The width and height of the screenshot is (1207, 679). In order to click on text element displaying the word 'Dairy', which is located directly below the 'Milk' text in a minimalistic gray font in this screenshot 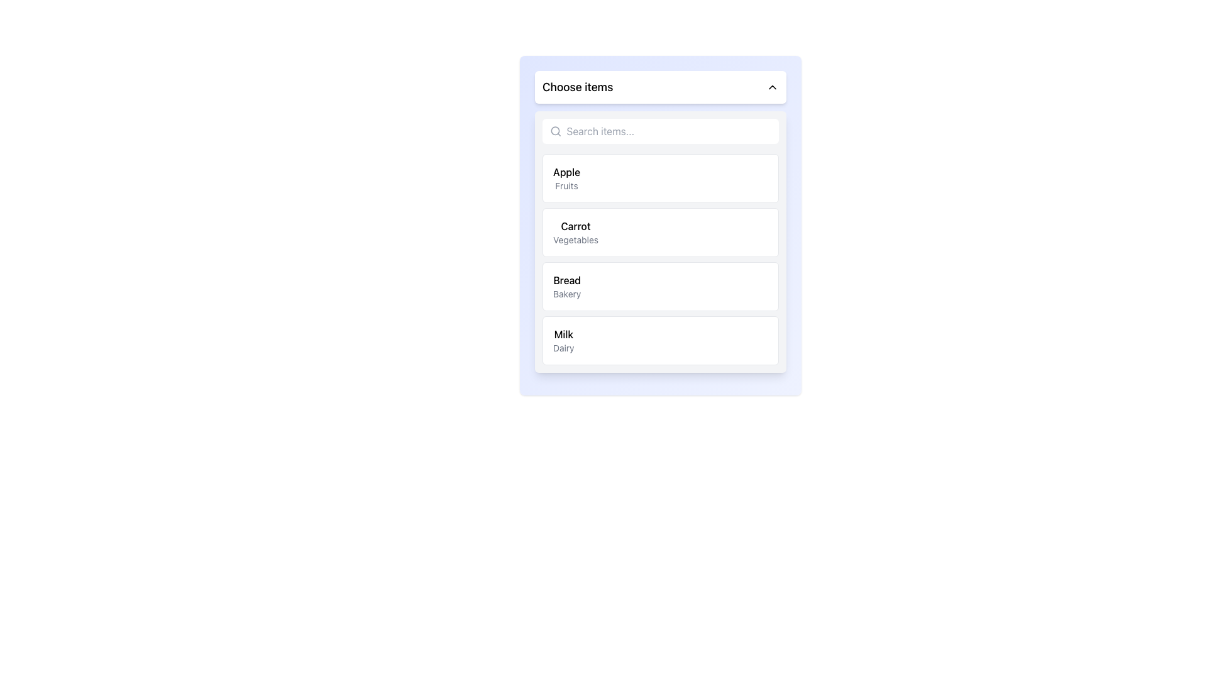, I will do `click(563, 348)`.